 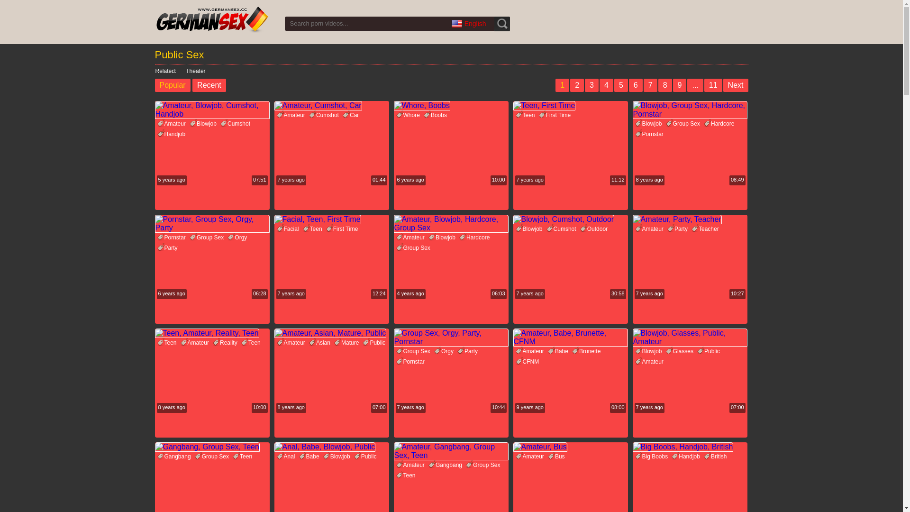 I want to click on '8', so click(x=664, y=85).